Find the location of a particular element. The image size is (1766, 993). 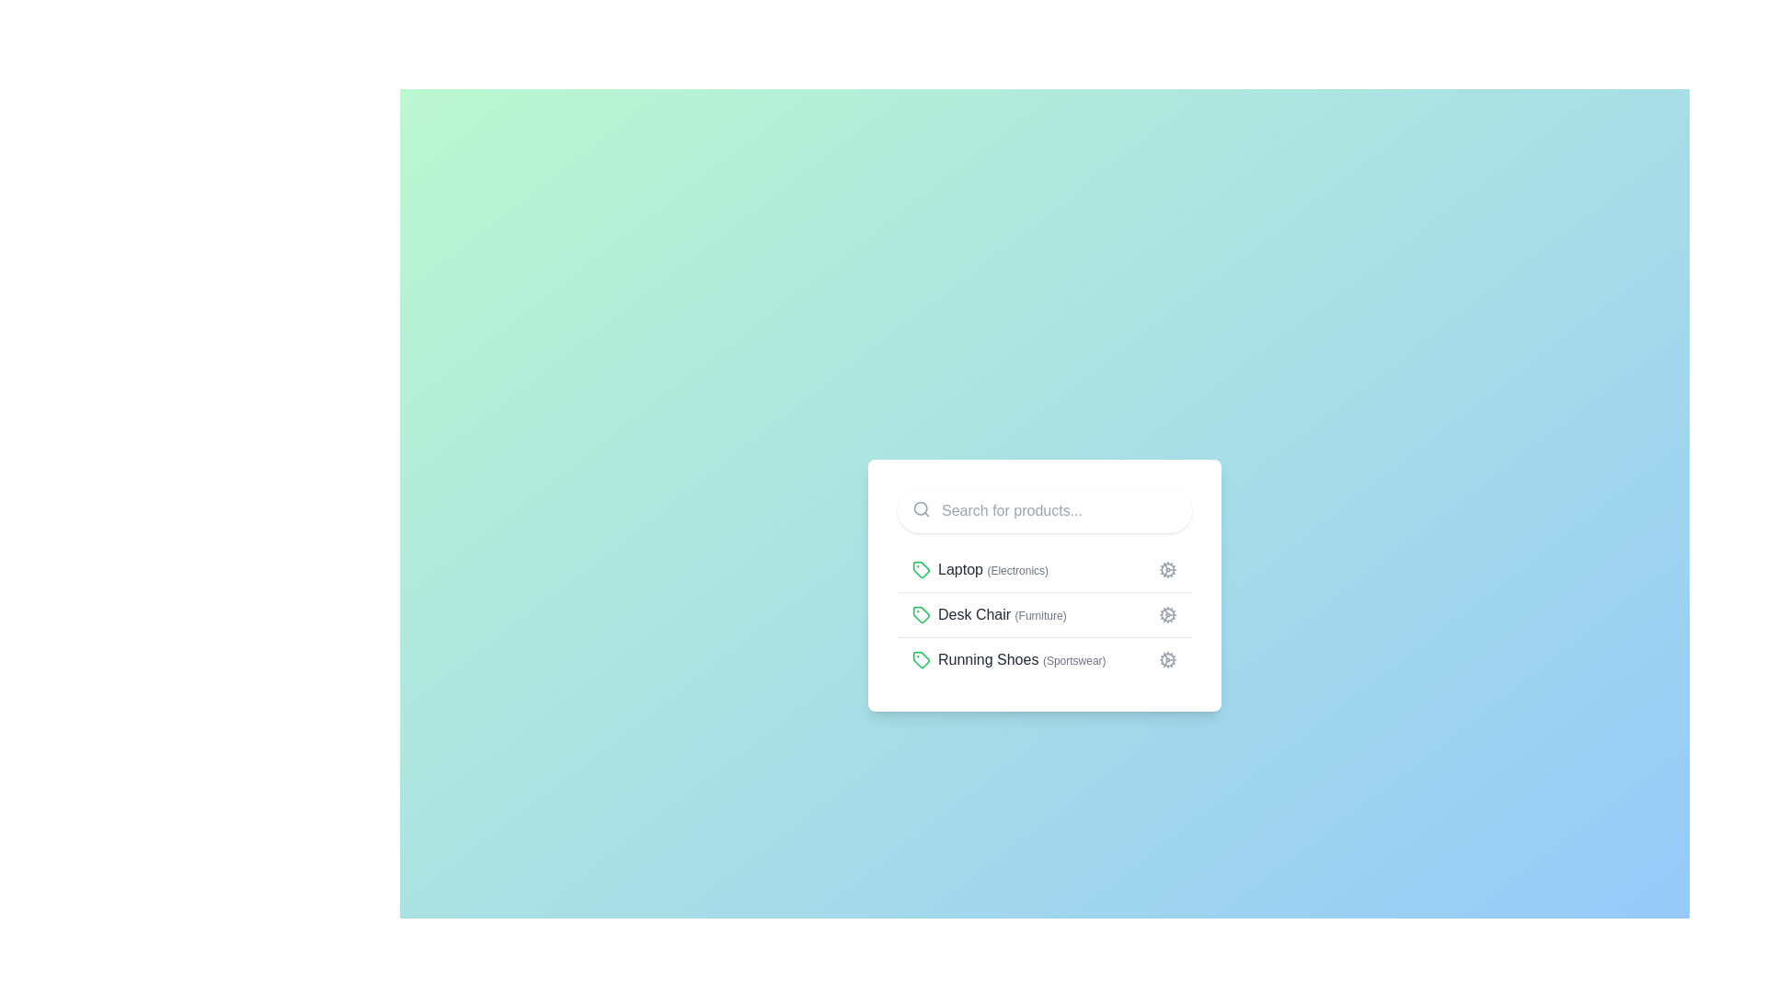

the small green tag-like icon located to the left of the text 'Laptop (Electronics)' which has a circular part and a distinctive stroke design is located at coordinates (922, 569).